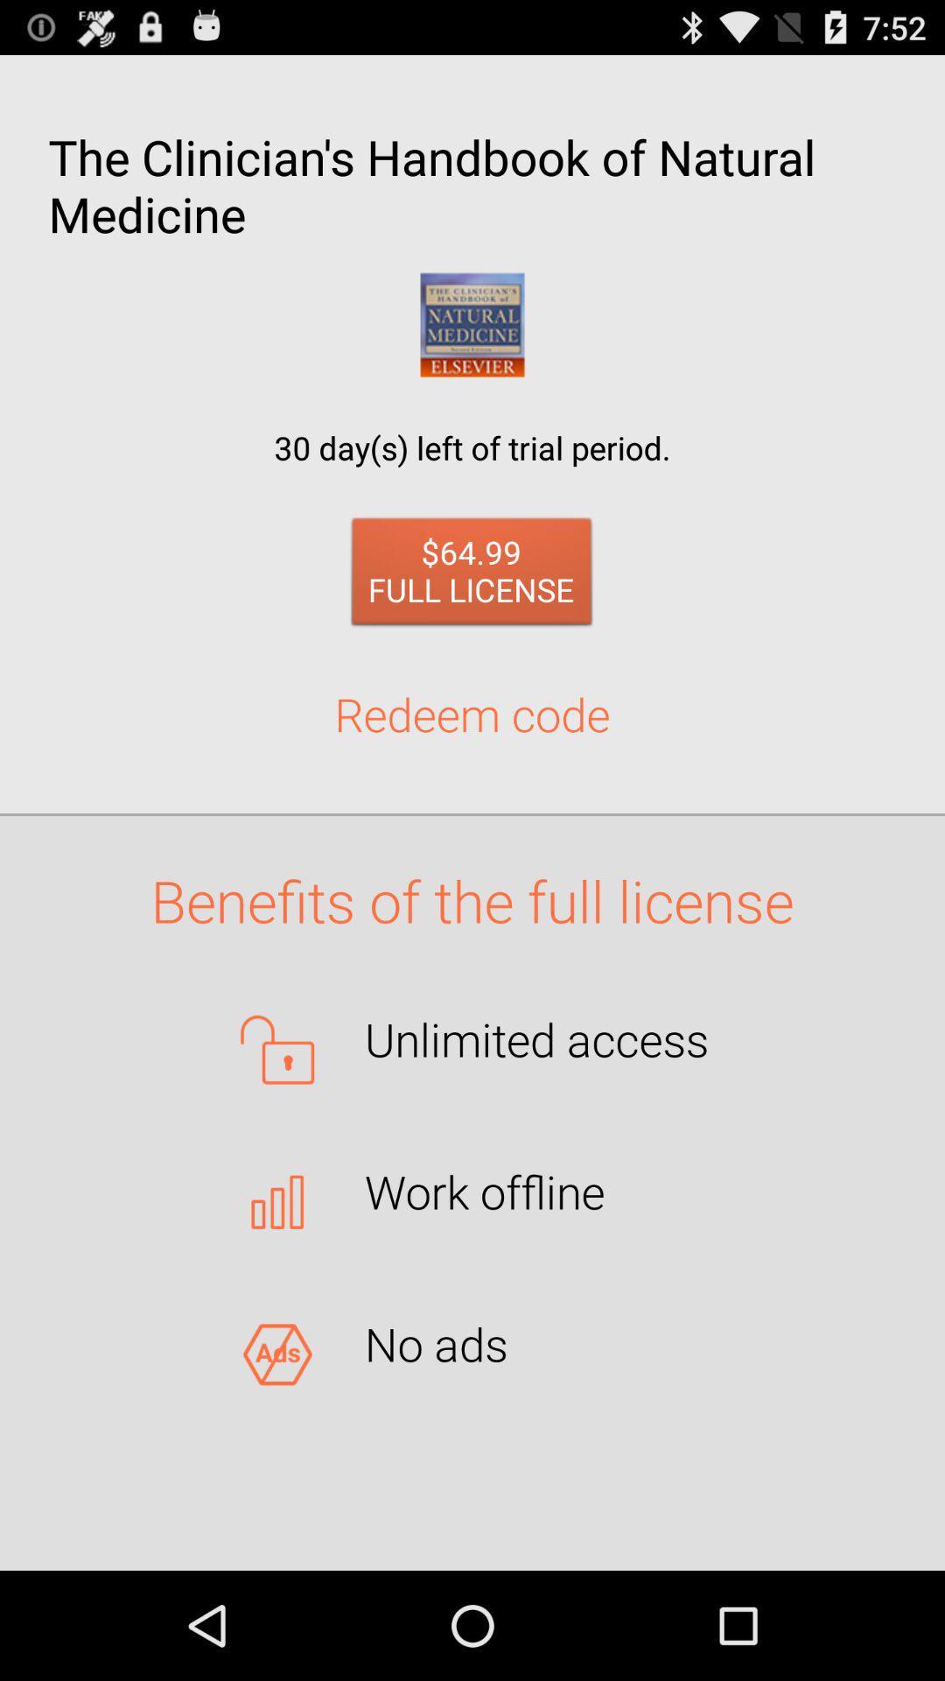 This screenshot has height=1681, width=945. Describe the element at coordinates (471, 576) in the screenshot. I see `64 99 full button` at that location.